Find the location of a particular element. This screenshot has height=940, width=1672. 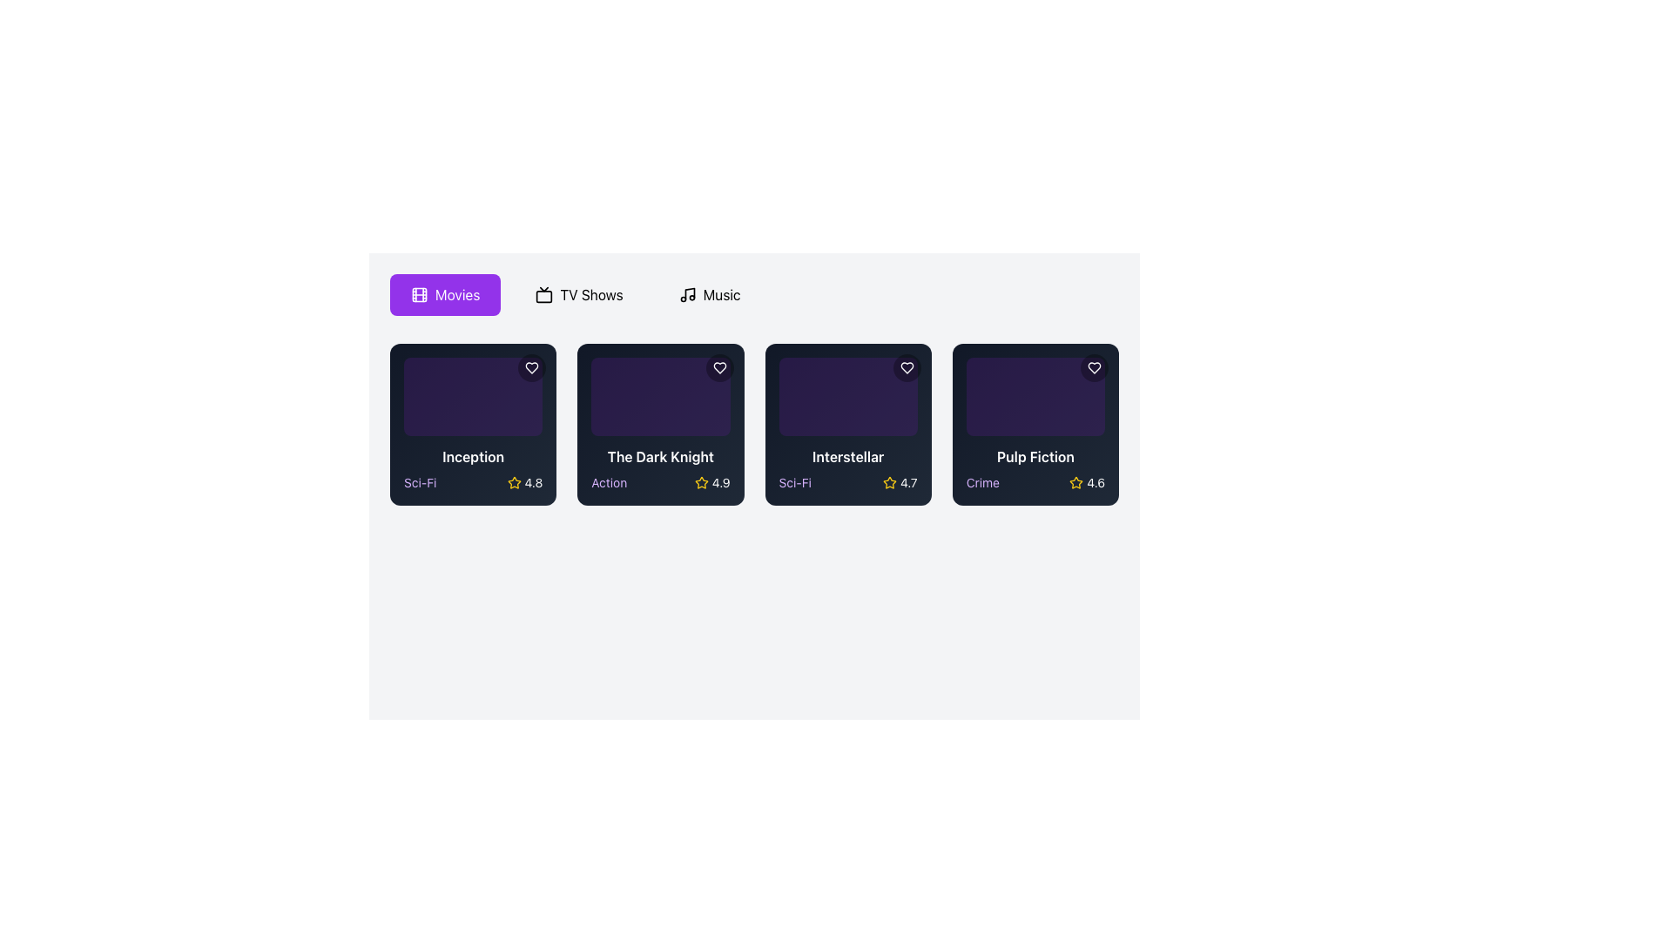

the yellow star-shaped icon with a hollow center located to the left of the rating value '4.7' in the 'Interstellar' movie card is located at coordinates (890, 482).